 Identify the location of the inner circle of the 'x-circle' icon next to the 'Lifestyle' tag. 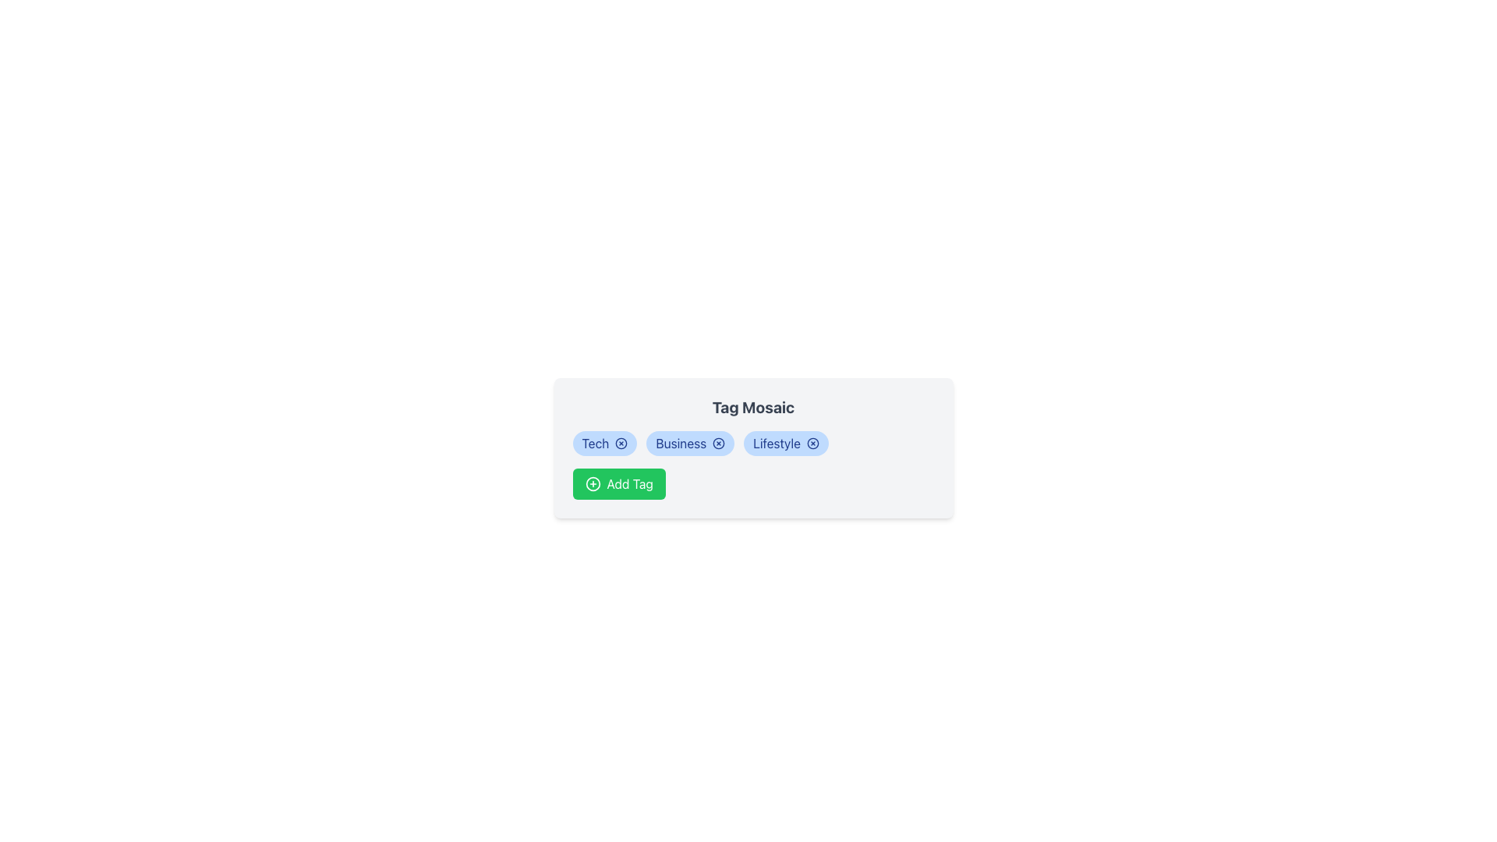
(812, 444).